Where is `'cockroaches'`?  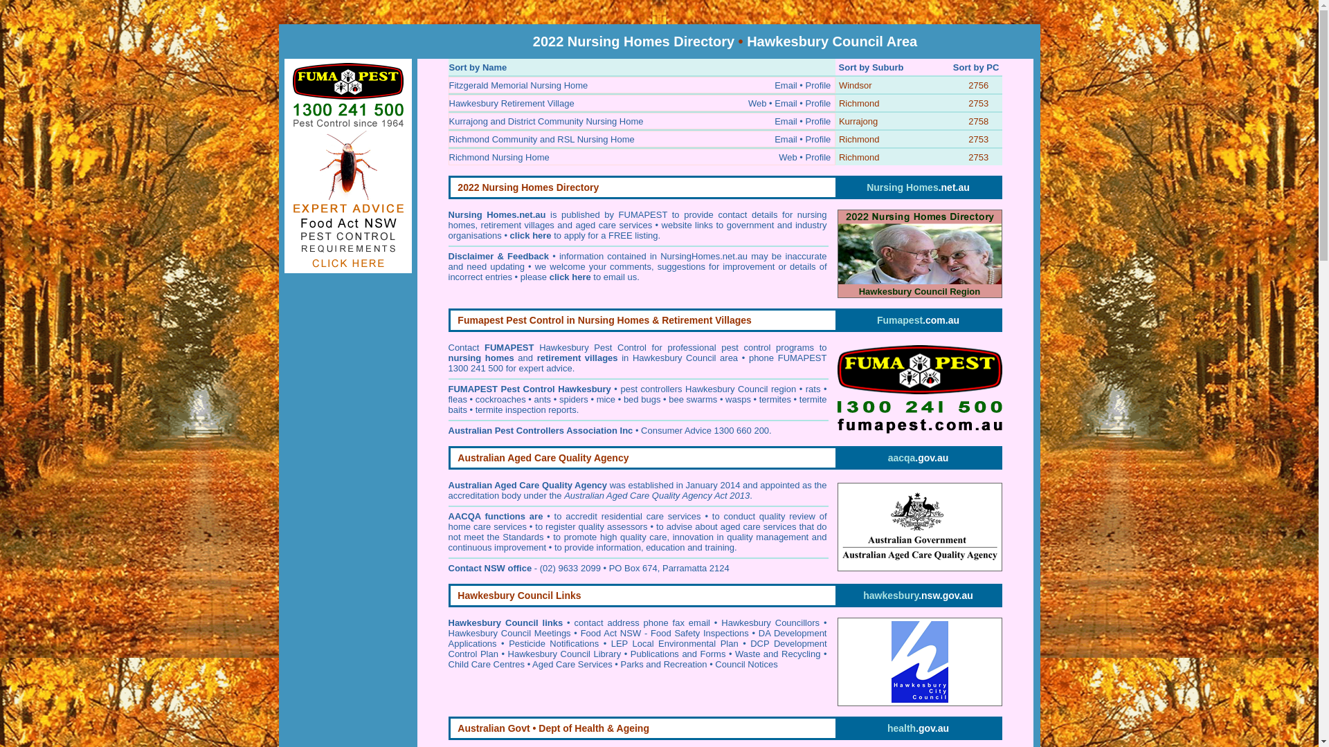
'cockroaches' is located at coordinates (500, 399).